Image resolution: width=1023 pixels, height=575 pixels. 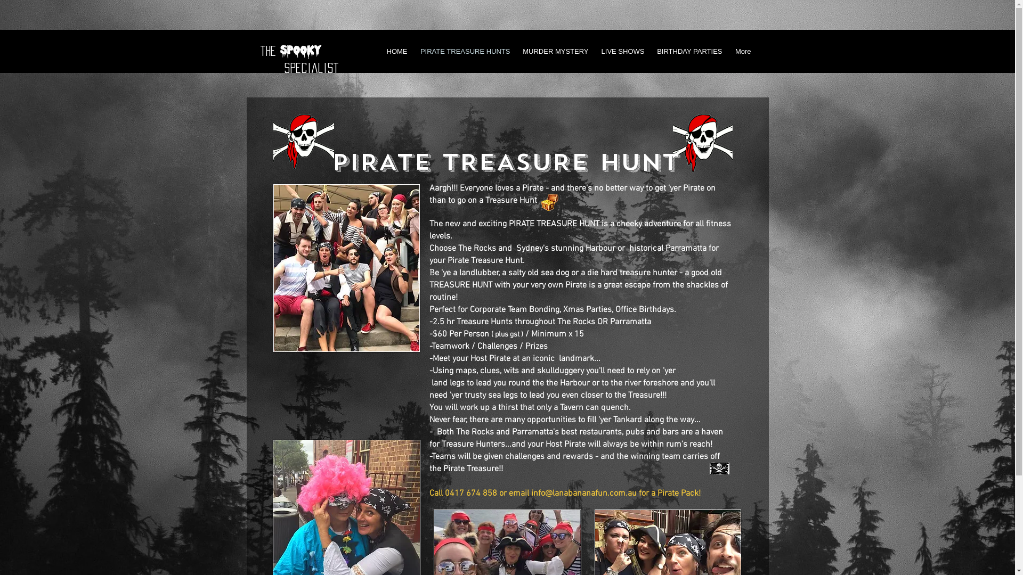 What do you see at coordinates (688, 51) in the screenshot?
I see `'BIRTHDAY PARTIES'` at bounding box center [688, 51].